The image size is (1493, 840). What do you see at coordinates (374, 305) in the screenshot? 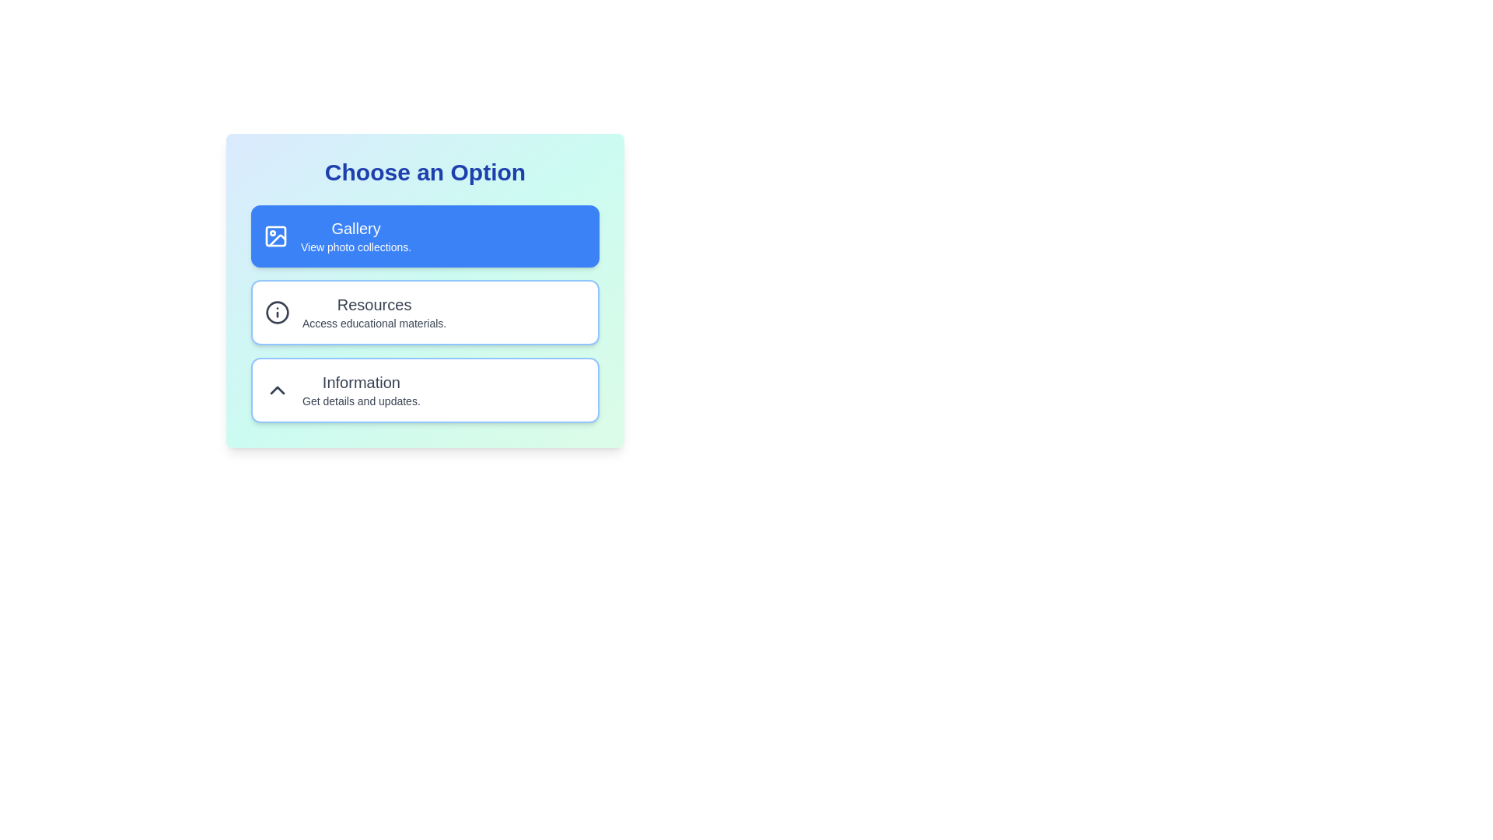
I see `'Resources' label displayed in bold text, located below the 'Gallery' option in a vertical list of choices` at bounding box center [374, 305].